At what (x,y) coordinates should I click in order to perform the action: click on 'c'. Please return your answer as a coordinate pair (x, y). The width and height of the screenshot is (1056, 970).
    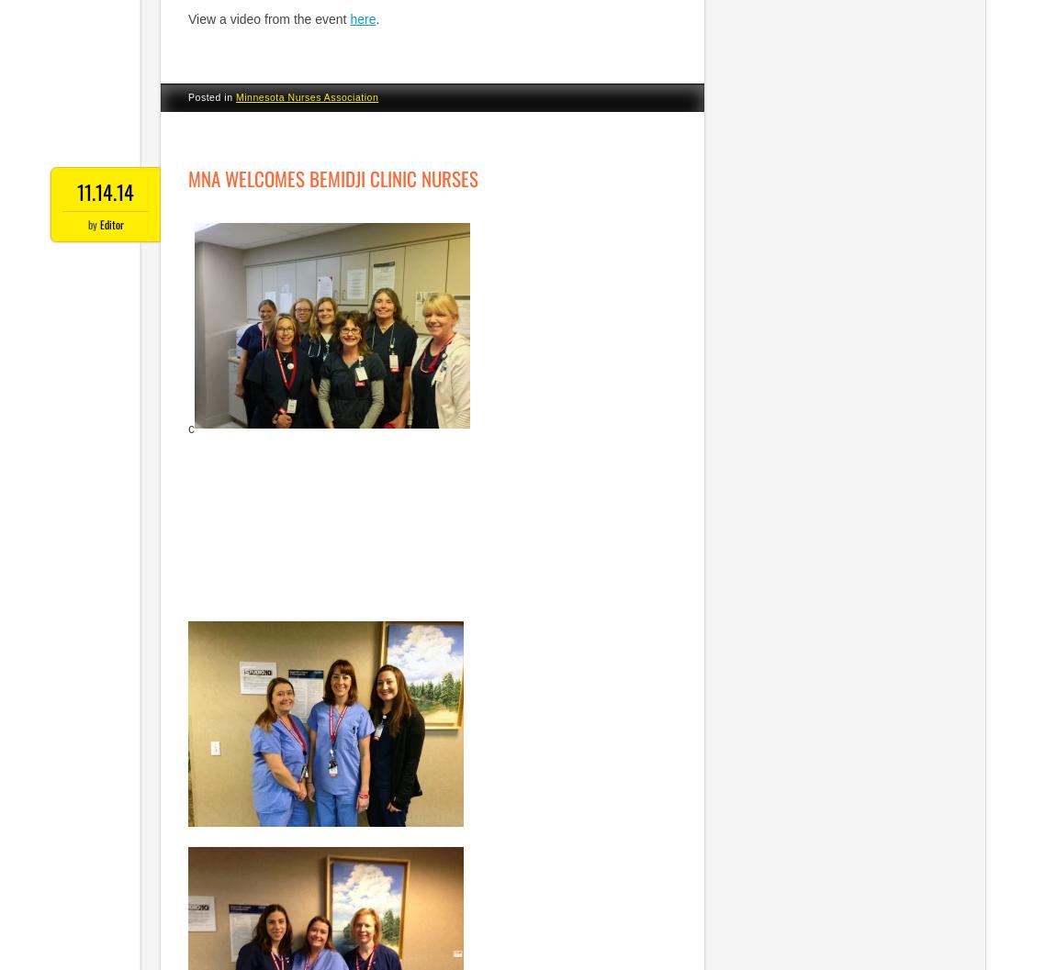
    Looking at the image, I should click on (190, 428).